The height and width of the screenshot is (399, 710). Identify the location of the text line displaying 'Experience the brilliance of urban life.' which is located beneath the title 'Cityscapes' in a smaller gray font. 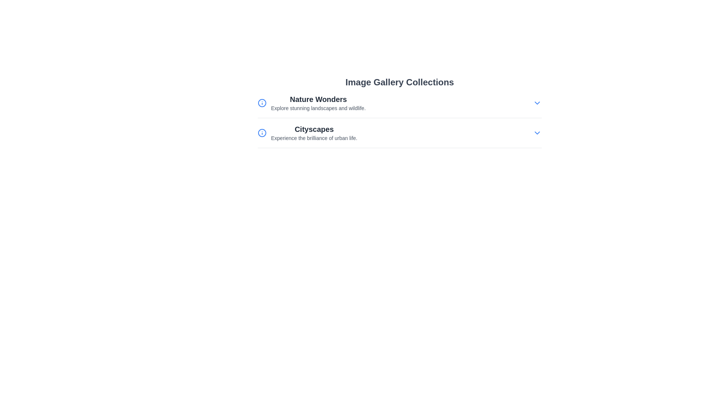
(314, 138).